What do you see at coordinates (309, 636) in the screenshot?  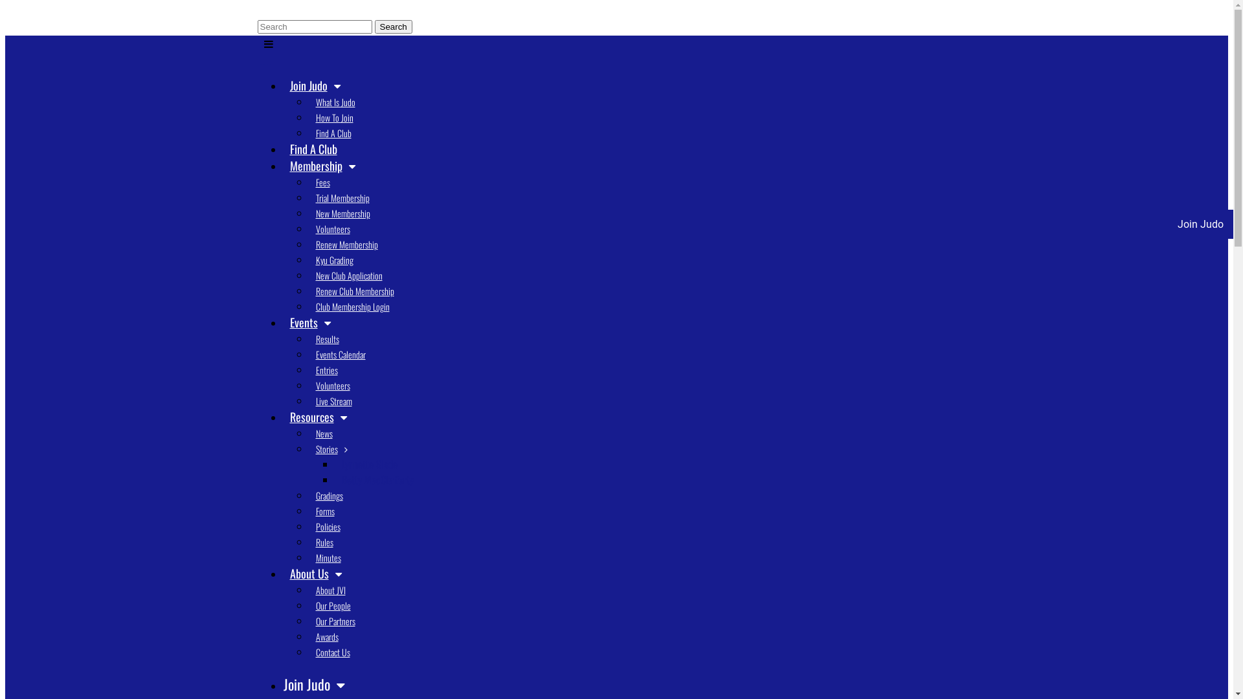 I see `'Awards'` at bounding box center [309, 636].